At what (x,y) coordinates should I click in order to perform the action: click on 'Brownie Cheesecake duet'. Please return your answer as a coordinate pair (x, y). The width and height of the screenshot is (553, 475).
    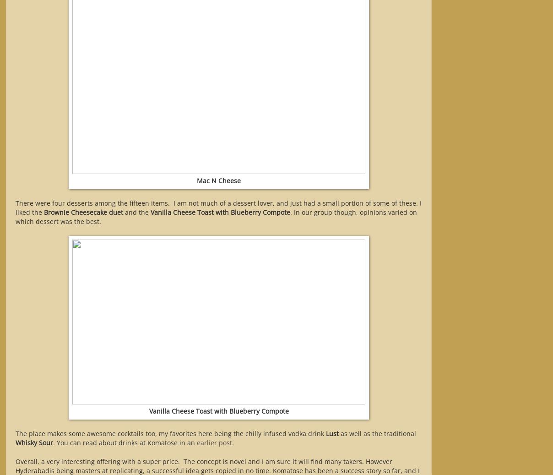
    Looking at the image, I should click on (83, 212).